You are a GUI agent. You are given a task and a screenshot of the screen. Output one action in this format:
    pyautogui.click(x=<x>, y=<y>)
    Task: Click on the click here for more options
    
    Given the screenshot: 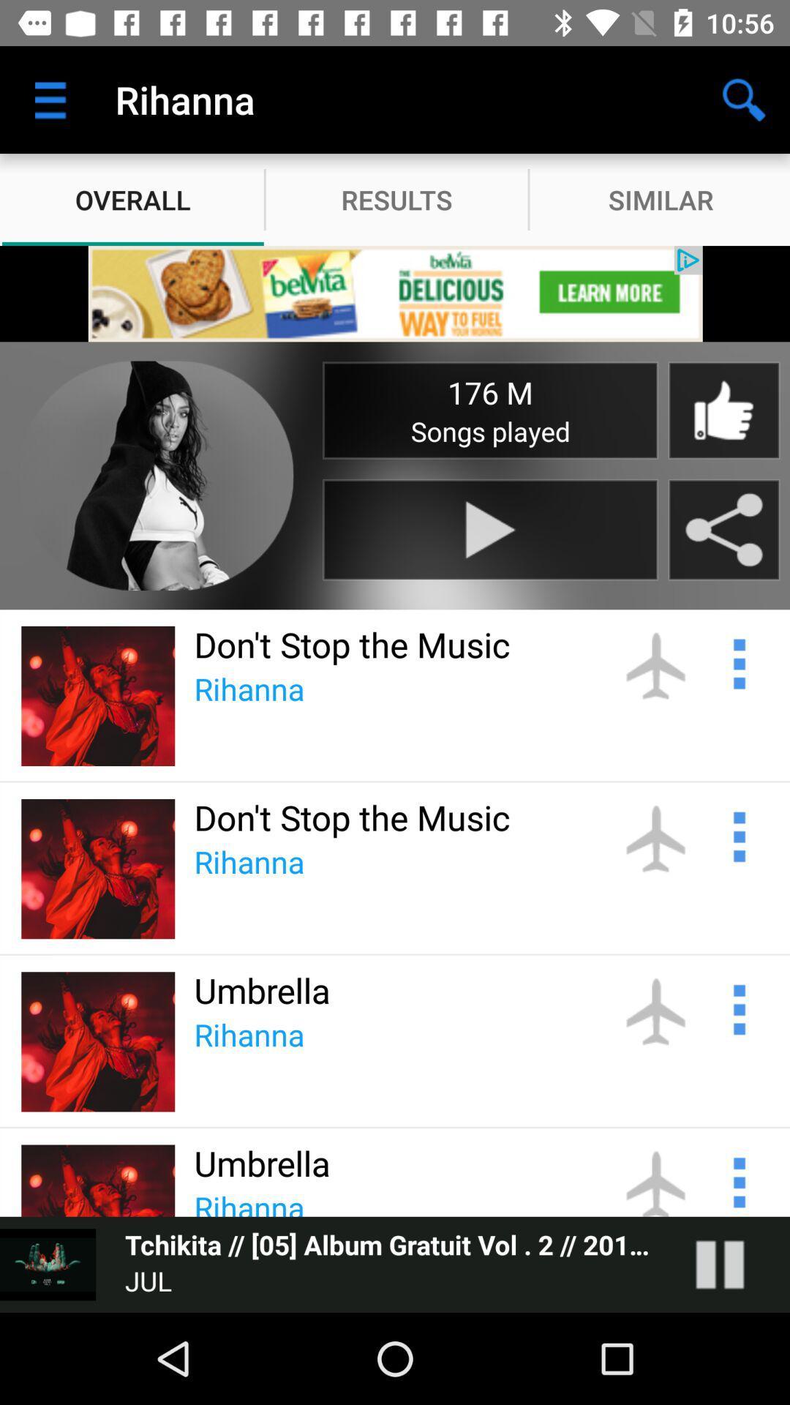 What is the action you would take?
    pyautogui.click(x=737, y=1007)
    